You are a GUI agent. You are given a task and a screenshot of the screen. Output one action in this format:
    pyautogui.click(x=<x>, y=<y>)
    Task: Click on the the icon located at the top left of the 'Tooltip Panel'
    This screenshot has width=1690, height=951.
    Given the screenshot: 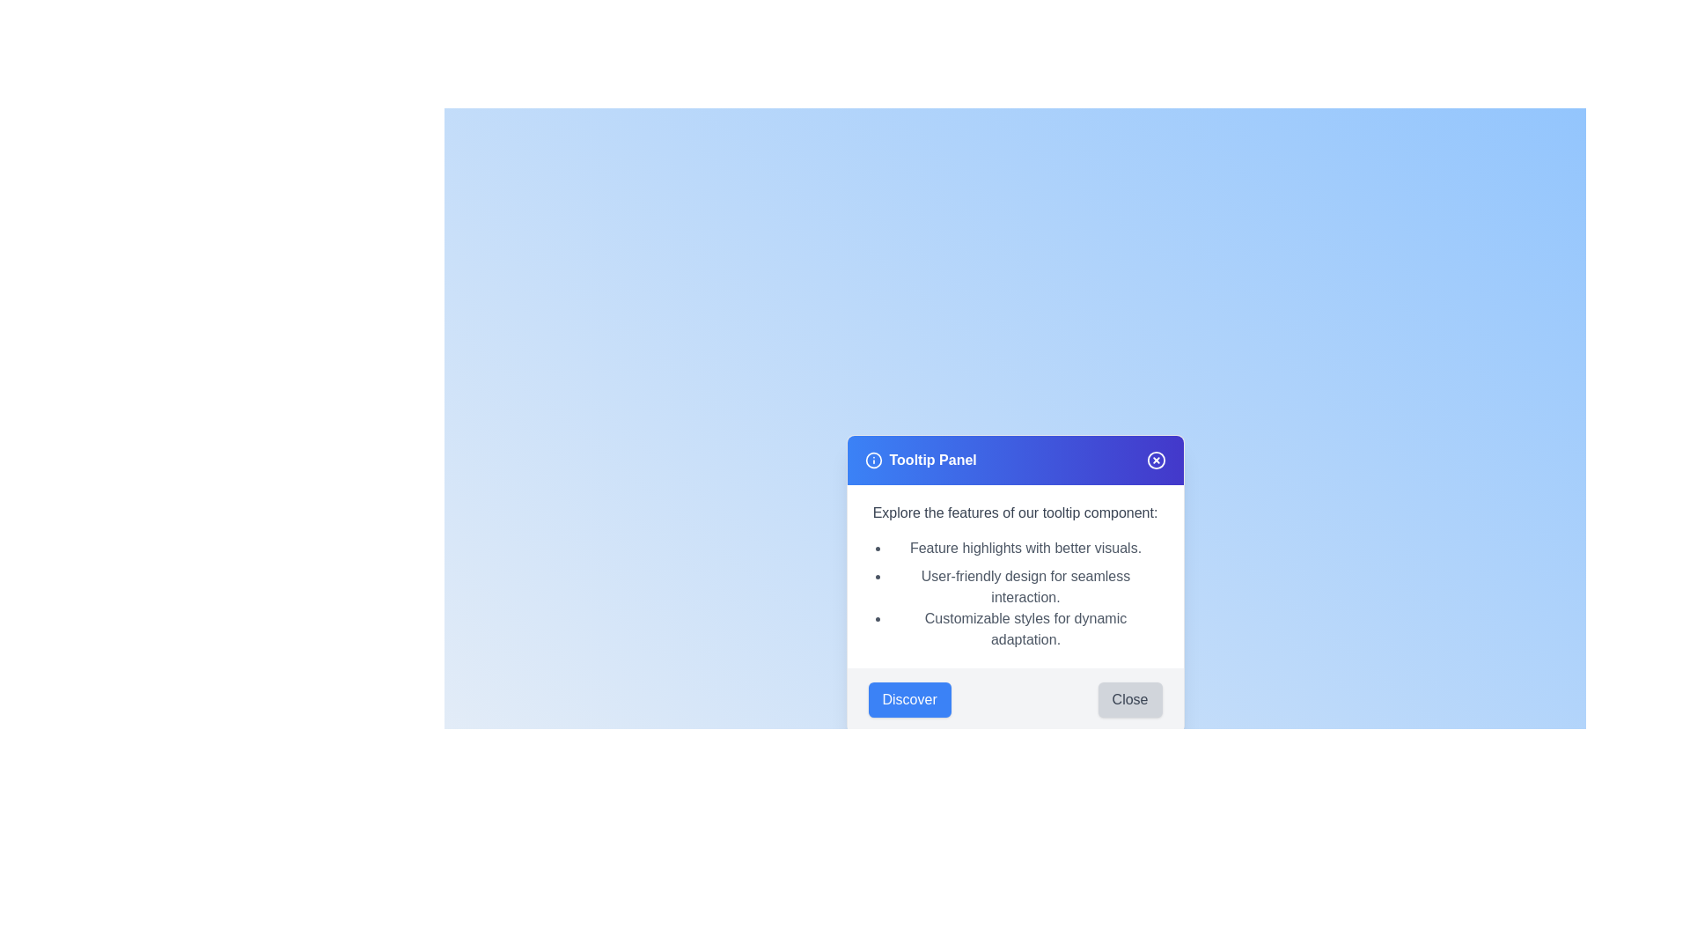 What is the action you would take?
    pyautogui.click(x=873, y=460)
    